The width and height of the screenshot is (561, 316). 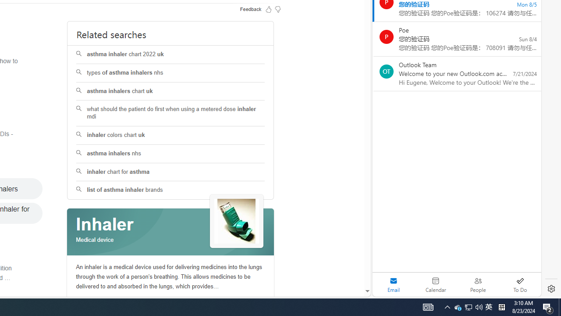 I want to click on 'Feedback Dislike', so click(x=277, y=9).